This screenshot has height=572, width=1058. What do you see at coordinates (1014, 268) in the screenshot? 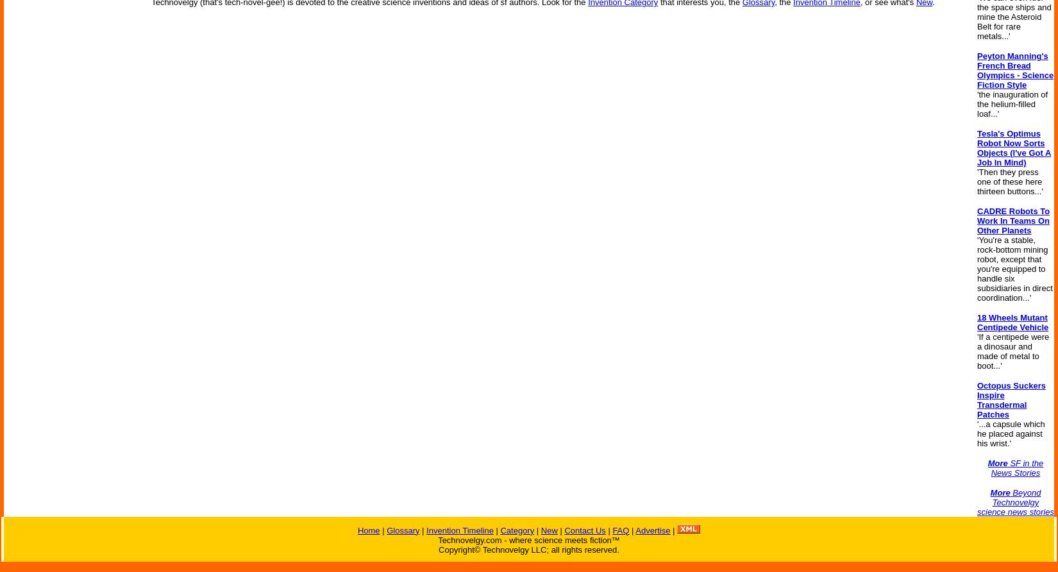
I see `''You're a stable, rock-bottom mining robot, except that you're equipped to handle six subsidiaries in direct coordination...''` at bounding box center [1014, 268].